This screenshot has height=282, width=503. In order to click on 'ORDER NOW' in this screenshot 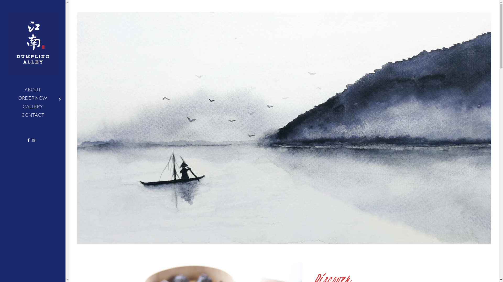, I will do `click(32, 98)`.